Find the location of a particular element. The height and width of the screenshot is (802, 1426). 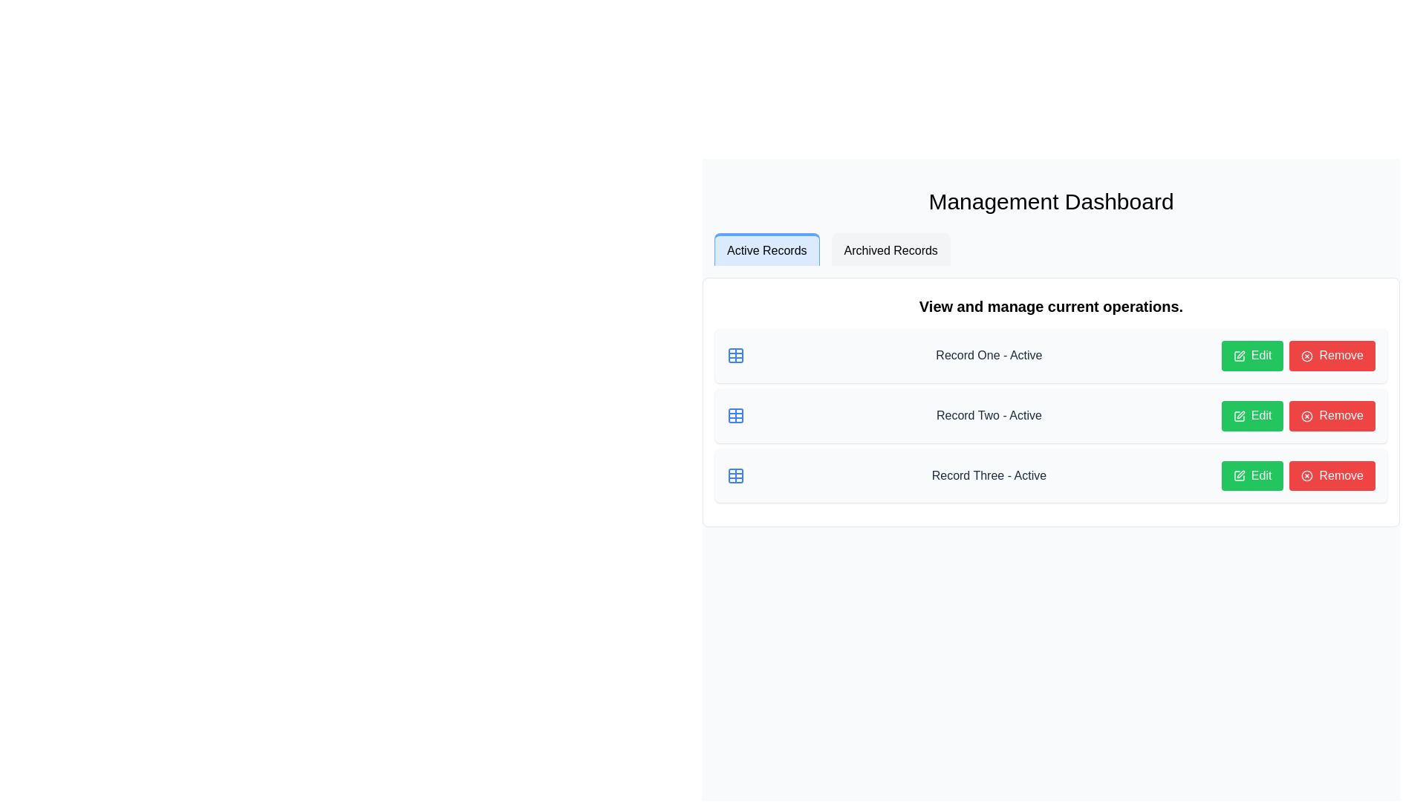

the 'Remove' button for the 'Record Two - Active' entry to observe interactive visual changes is located at coordinates (1332, 416).